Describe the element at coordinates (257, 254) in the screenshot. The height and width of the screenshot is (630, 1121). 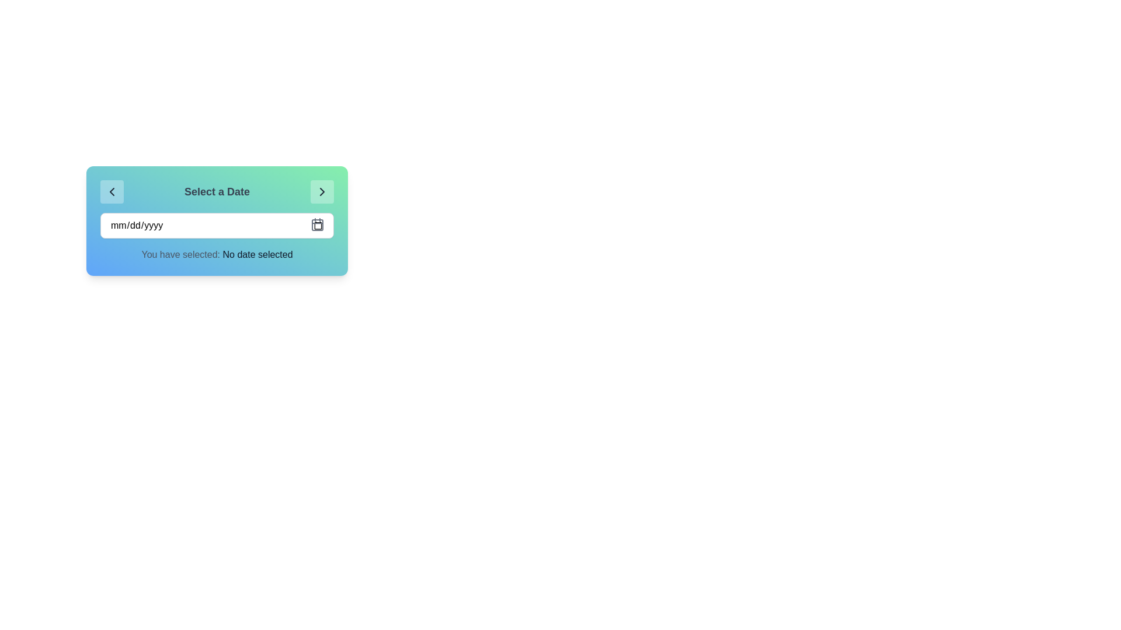
I see `the non-editable text element indicating the current state of the date selection functionality, which displays 'No date selected'` at that location.